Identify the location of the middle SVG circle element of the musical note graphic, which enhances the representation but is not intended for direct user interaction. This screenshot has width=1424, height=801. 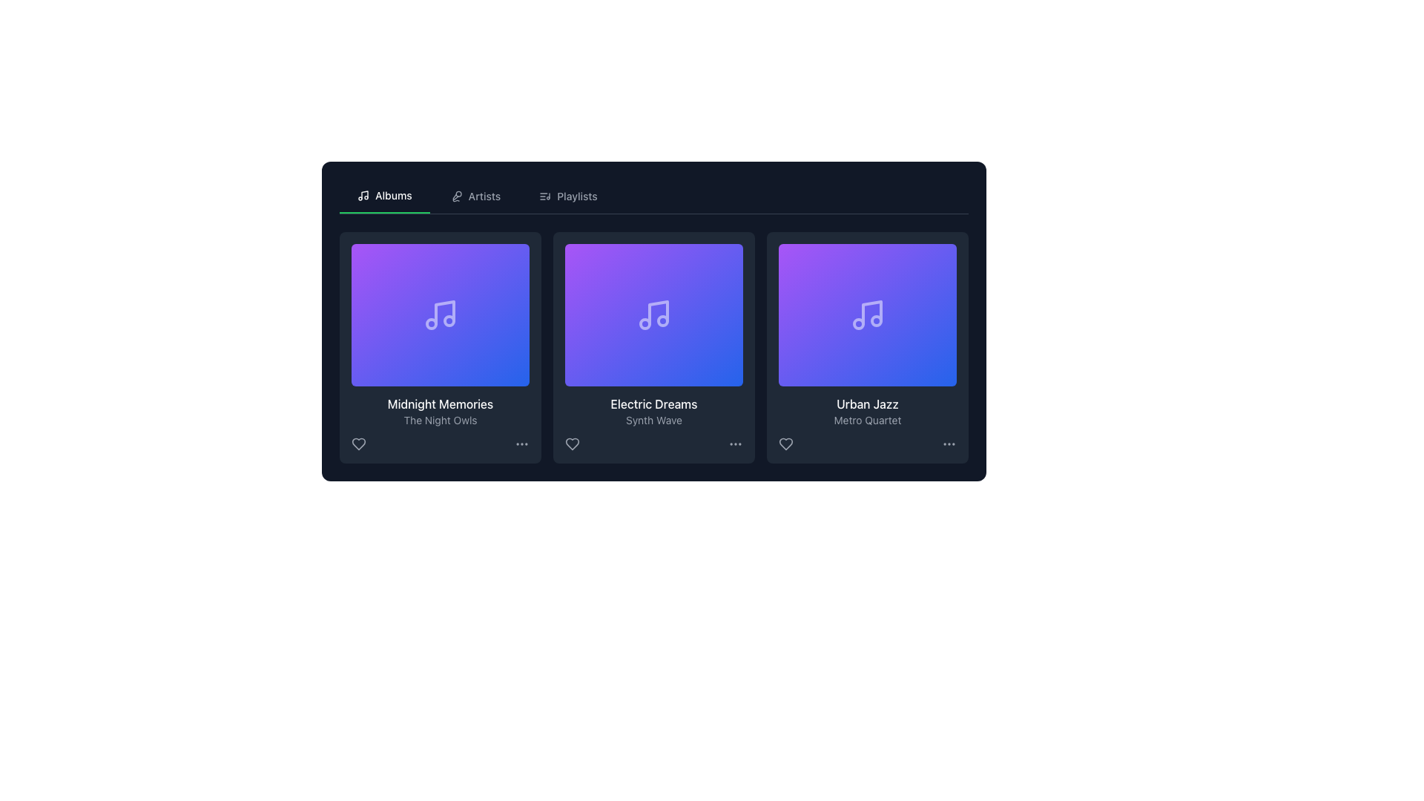
(858, 323).